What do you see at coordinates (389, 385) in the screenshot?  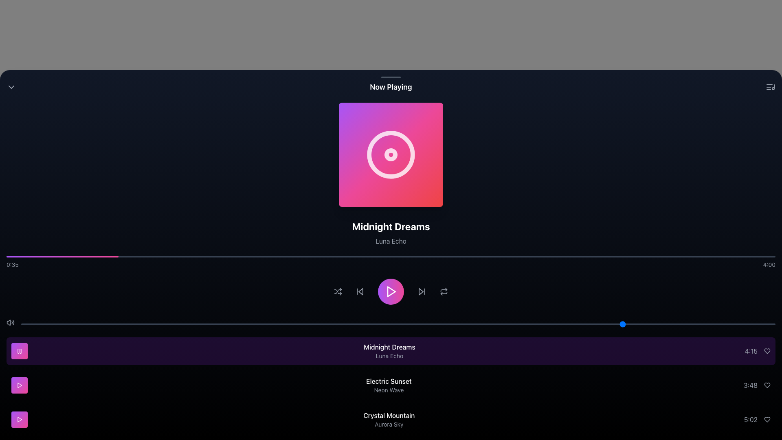 I see `the text of the multi-line text display for the song entry 'Electric Sunset' by 'Neon Wave', which is located in the second row of the playlist, next to a play icon and time indicator` at bounding box center [389, 385].